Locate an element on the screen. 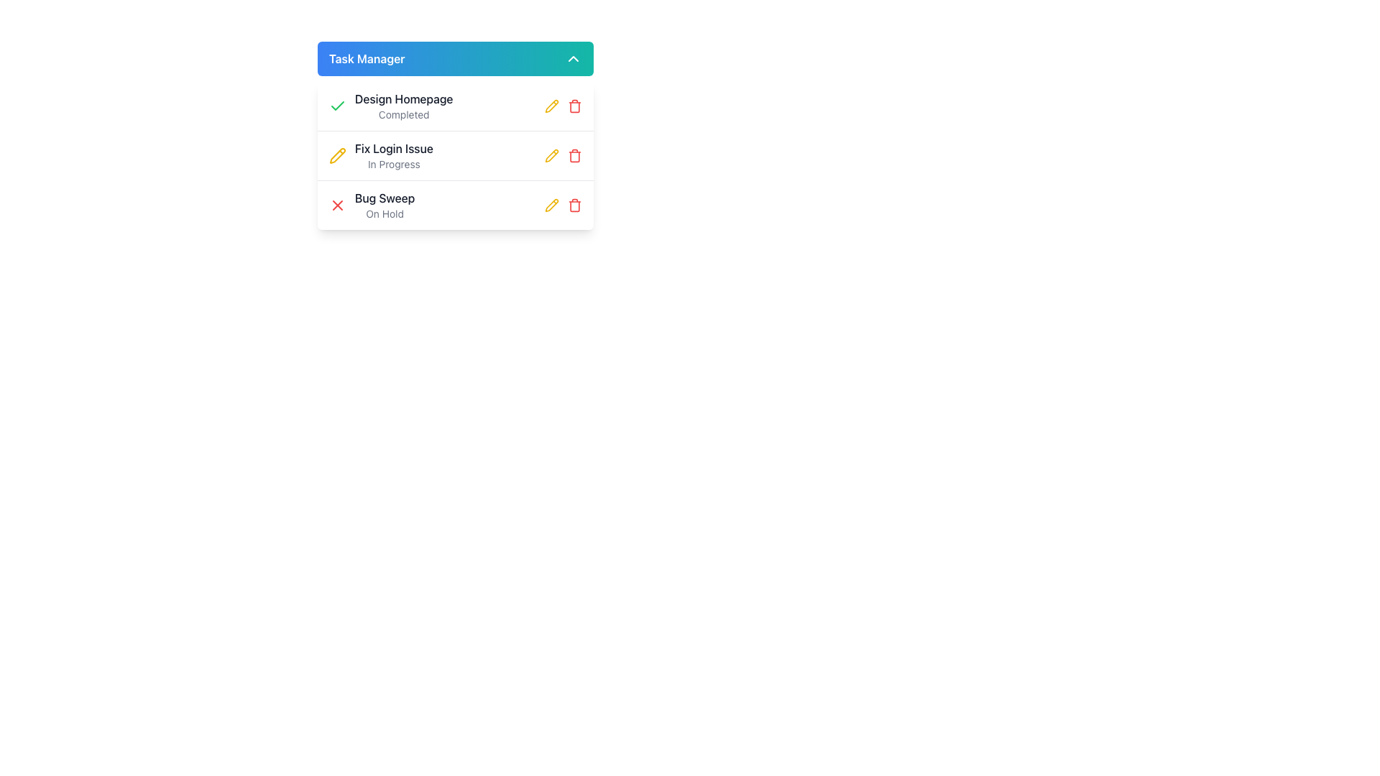 The image size is (1380, 776). the status label indicating 'In Progress', located below the 'Fix Login Issue' task in the second row of the task list, which is horizontally centered in its column is located at coordinates (394, 163).